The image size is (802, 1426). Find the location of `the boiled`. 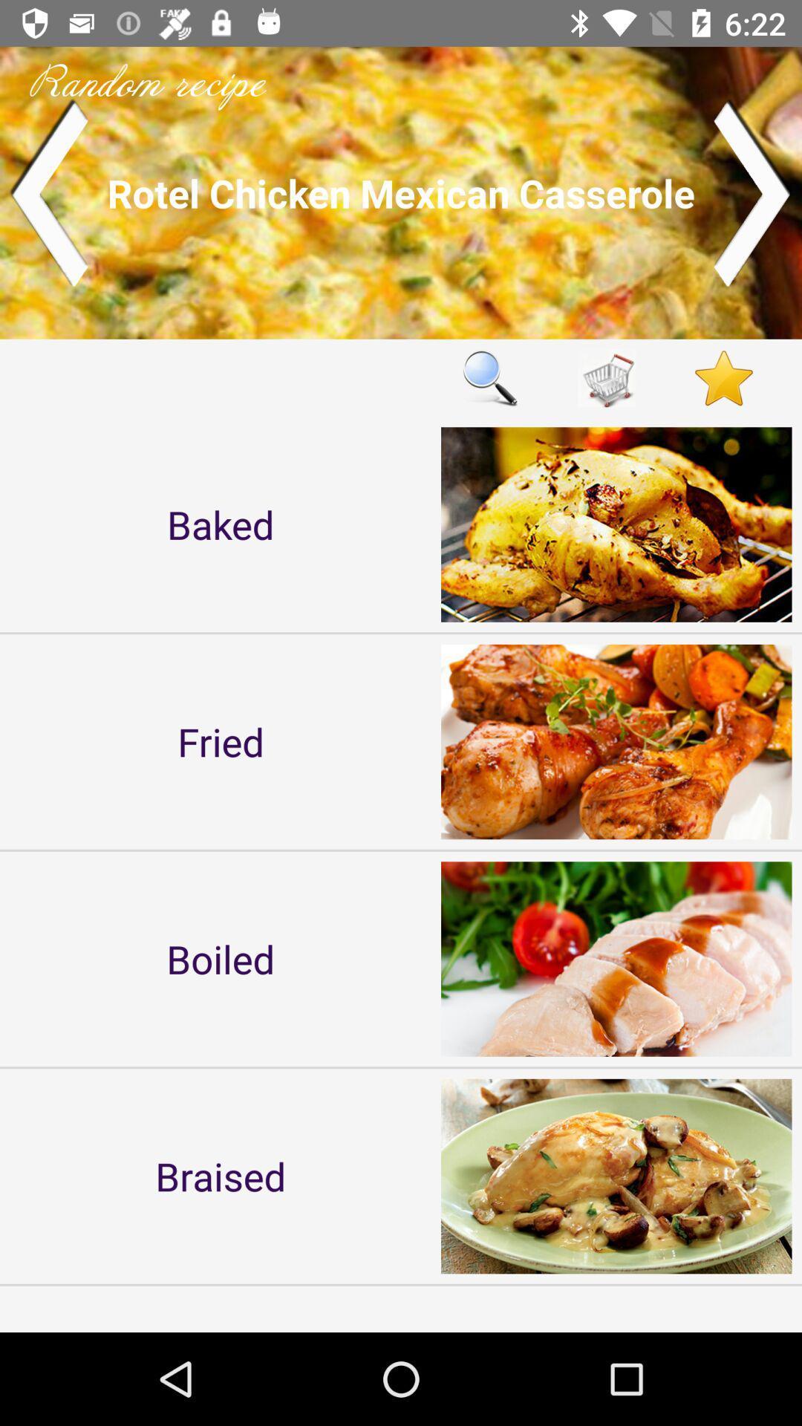

the boiled is located at coordinates (221, 959).